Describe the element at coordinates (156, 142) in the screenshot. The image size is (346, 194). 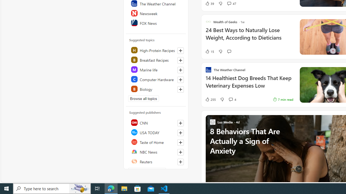
I see `'Taste of Home'` at that location.